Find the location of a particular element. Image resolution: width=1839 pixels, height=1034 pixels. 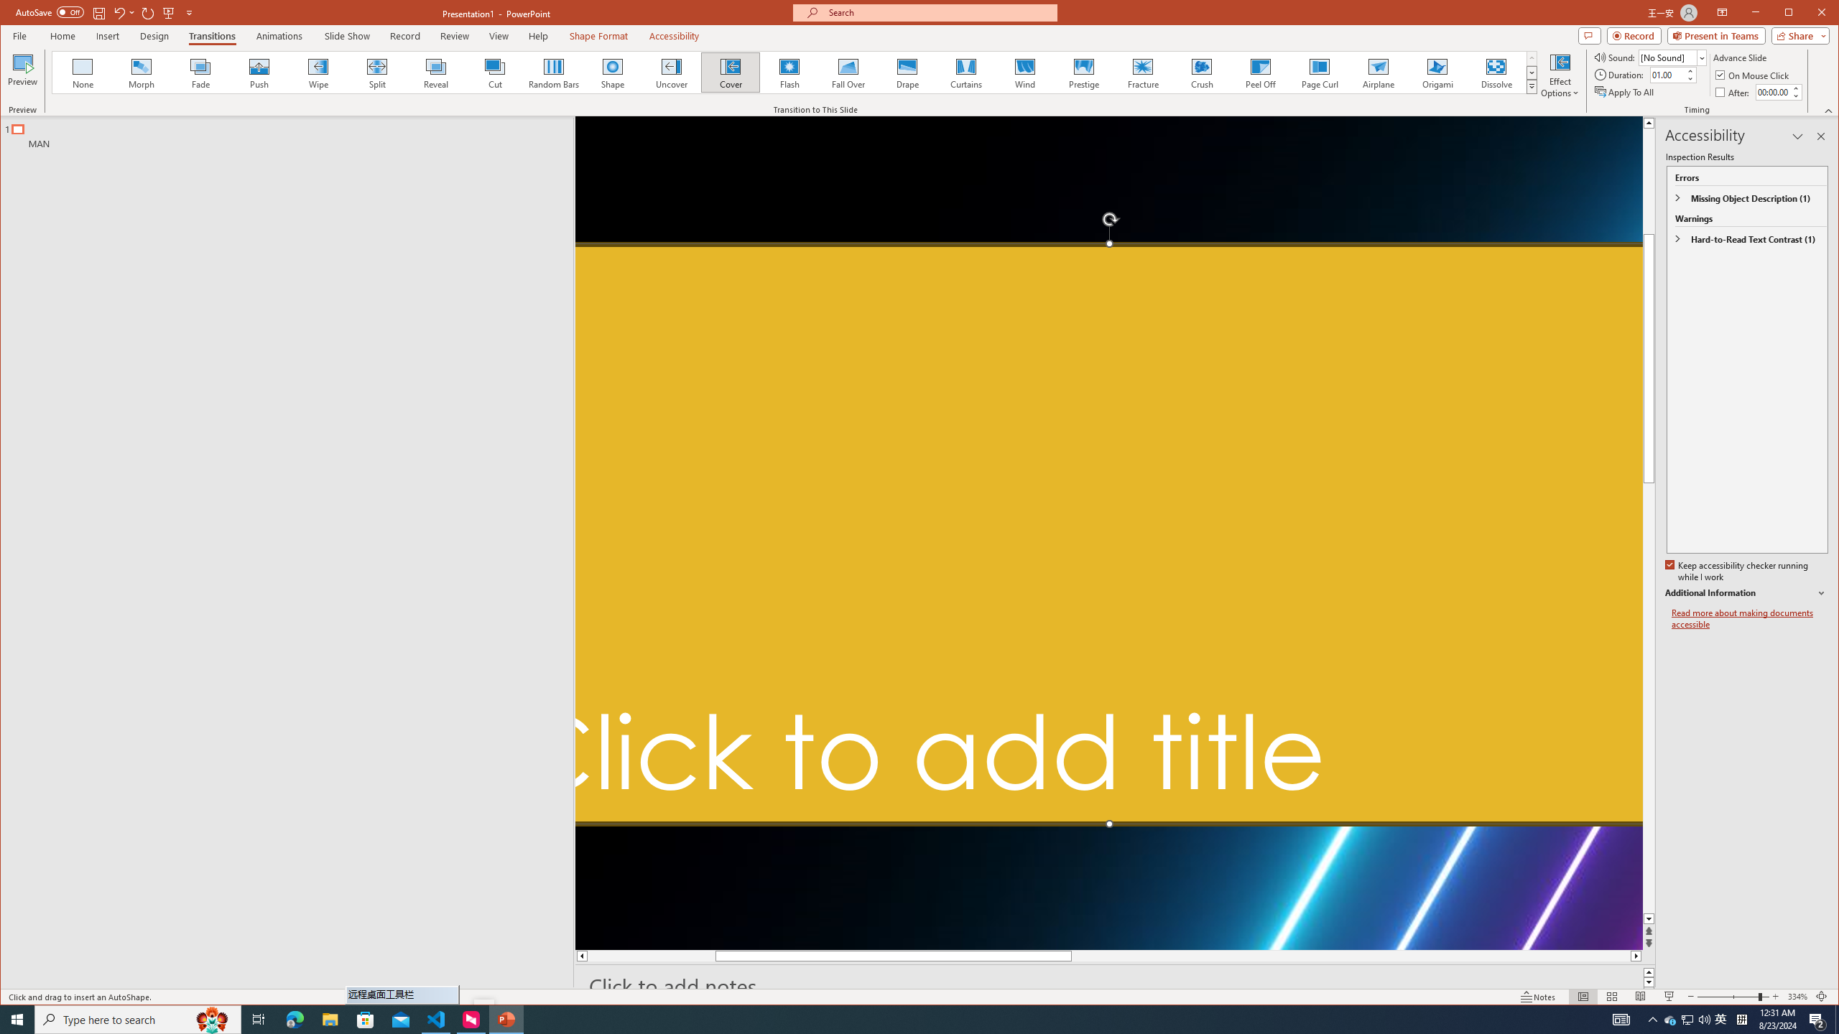

'Origami' is located at coordinates (1437, 72).